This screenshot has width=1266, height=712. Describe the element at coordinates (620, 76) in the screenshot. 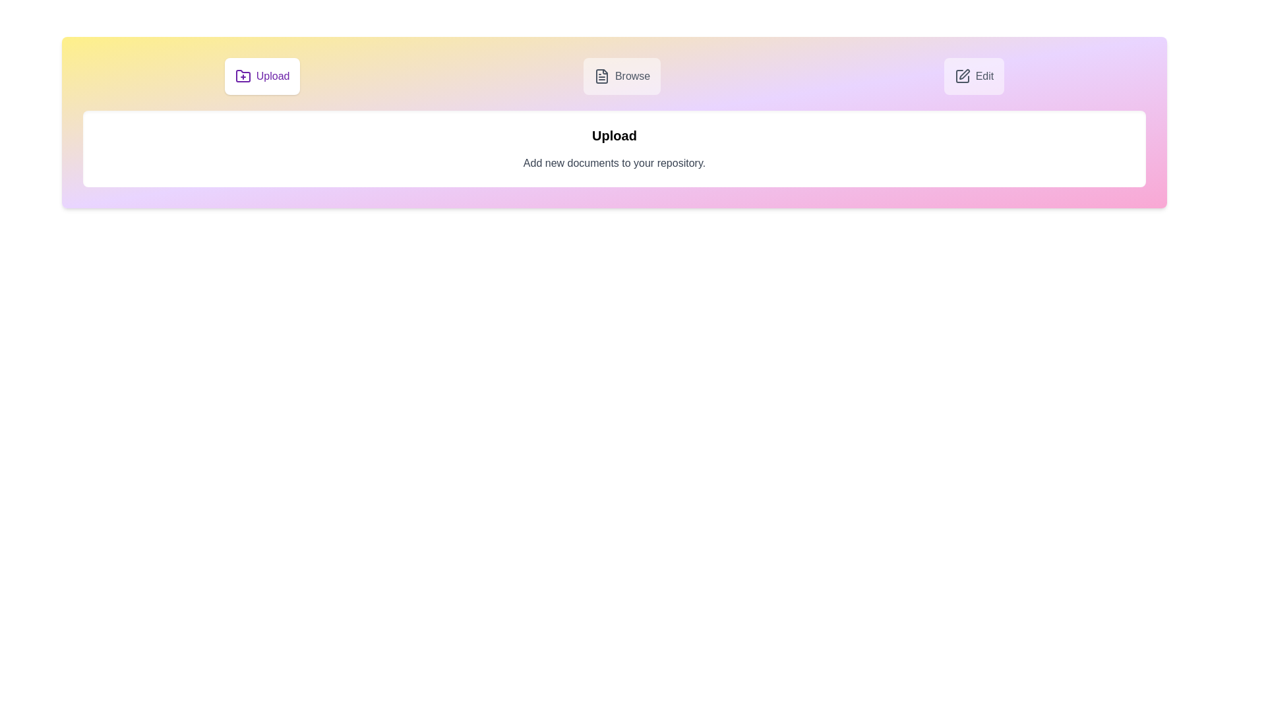

I see `the Browse tab by clicking on its button` at that location.